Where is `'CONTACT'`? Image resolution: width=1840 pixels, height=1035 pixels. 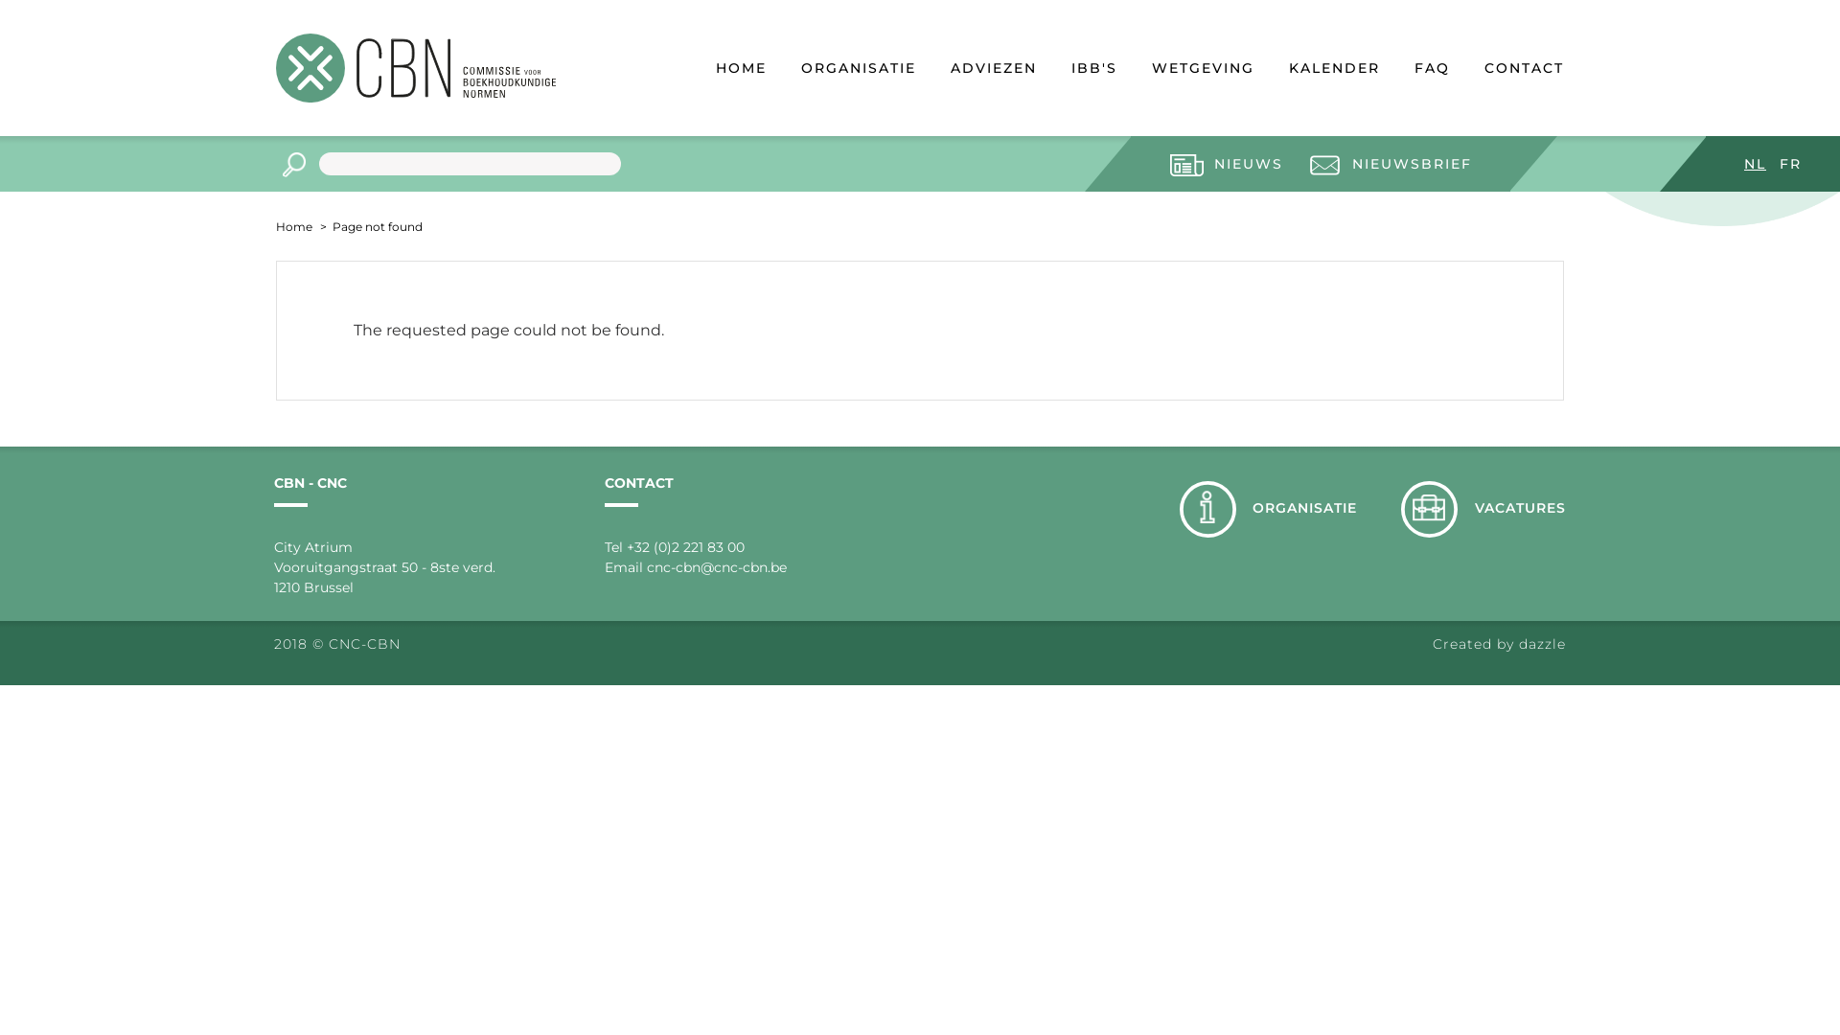
'CONTACT' is located at coordinates (1523, 69).